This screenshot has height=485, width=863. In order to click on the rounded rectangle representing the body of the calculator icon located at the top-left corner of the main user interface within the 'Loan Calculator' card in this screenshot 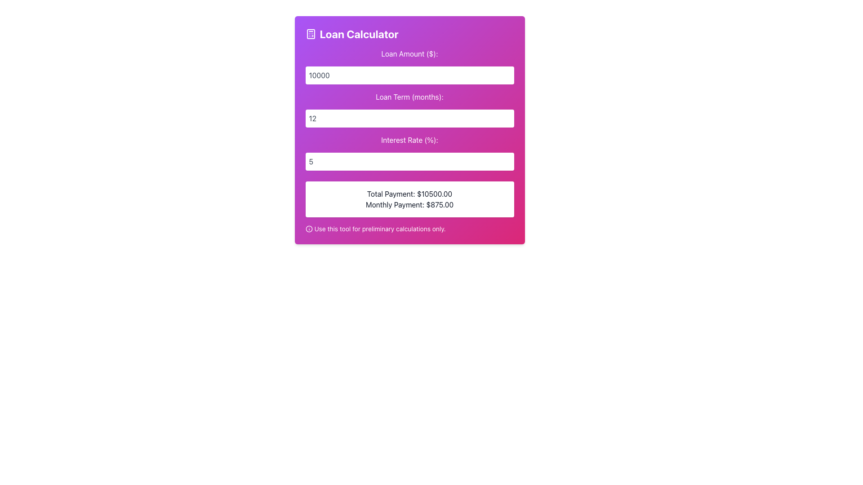, I will do `click(311, 34)`.